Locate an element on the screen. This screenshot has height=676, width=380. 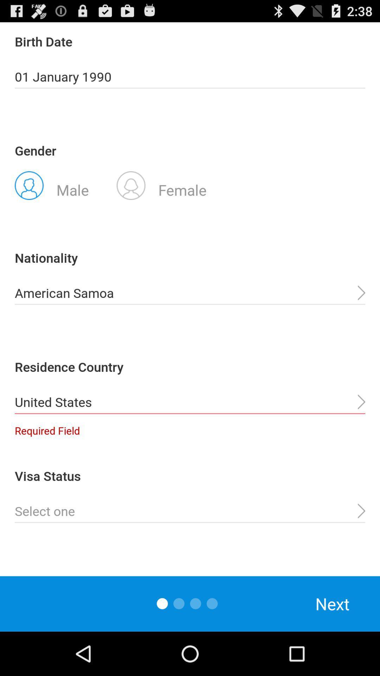
radio button next to male icon is located at coordinates (161, 185).